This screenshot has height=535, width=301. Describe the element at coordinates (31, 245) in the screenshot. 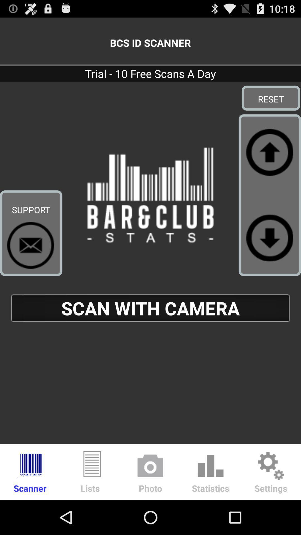

I see `send email` at that location.